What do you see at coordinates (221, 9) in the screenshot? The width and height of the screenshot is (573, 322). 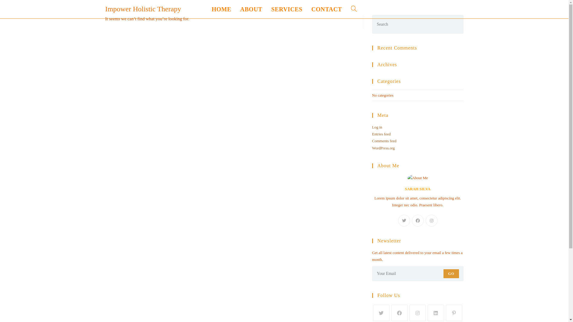 I see `'HOME'` at bounding box center [221, 9].